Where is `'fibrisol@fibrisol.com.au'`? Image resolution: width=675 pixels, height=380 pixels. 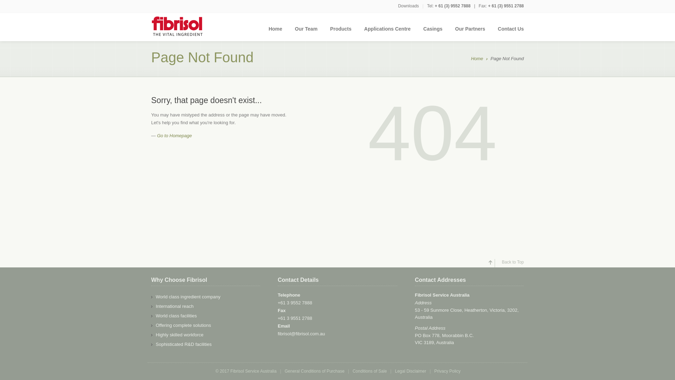
'fibrisol@fibrisol.com.au' is located at coordinates (301, 333).